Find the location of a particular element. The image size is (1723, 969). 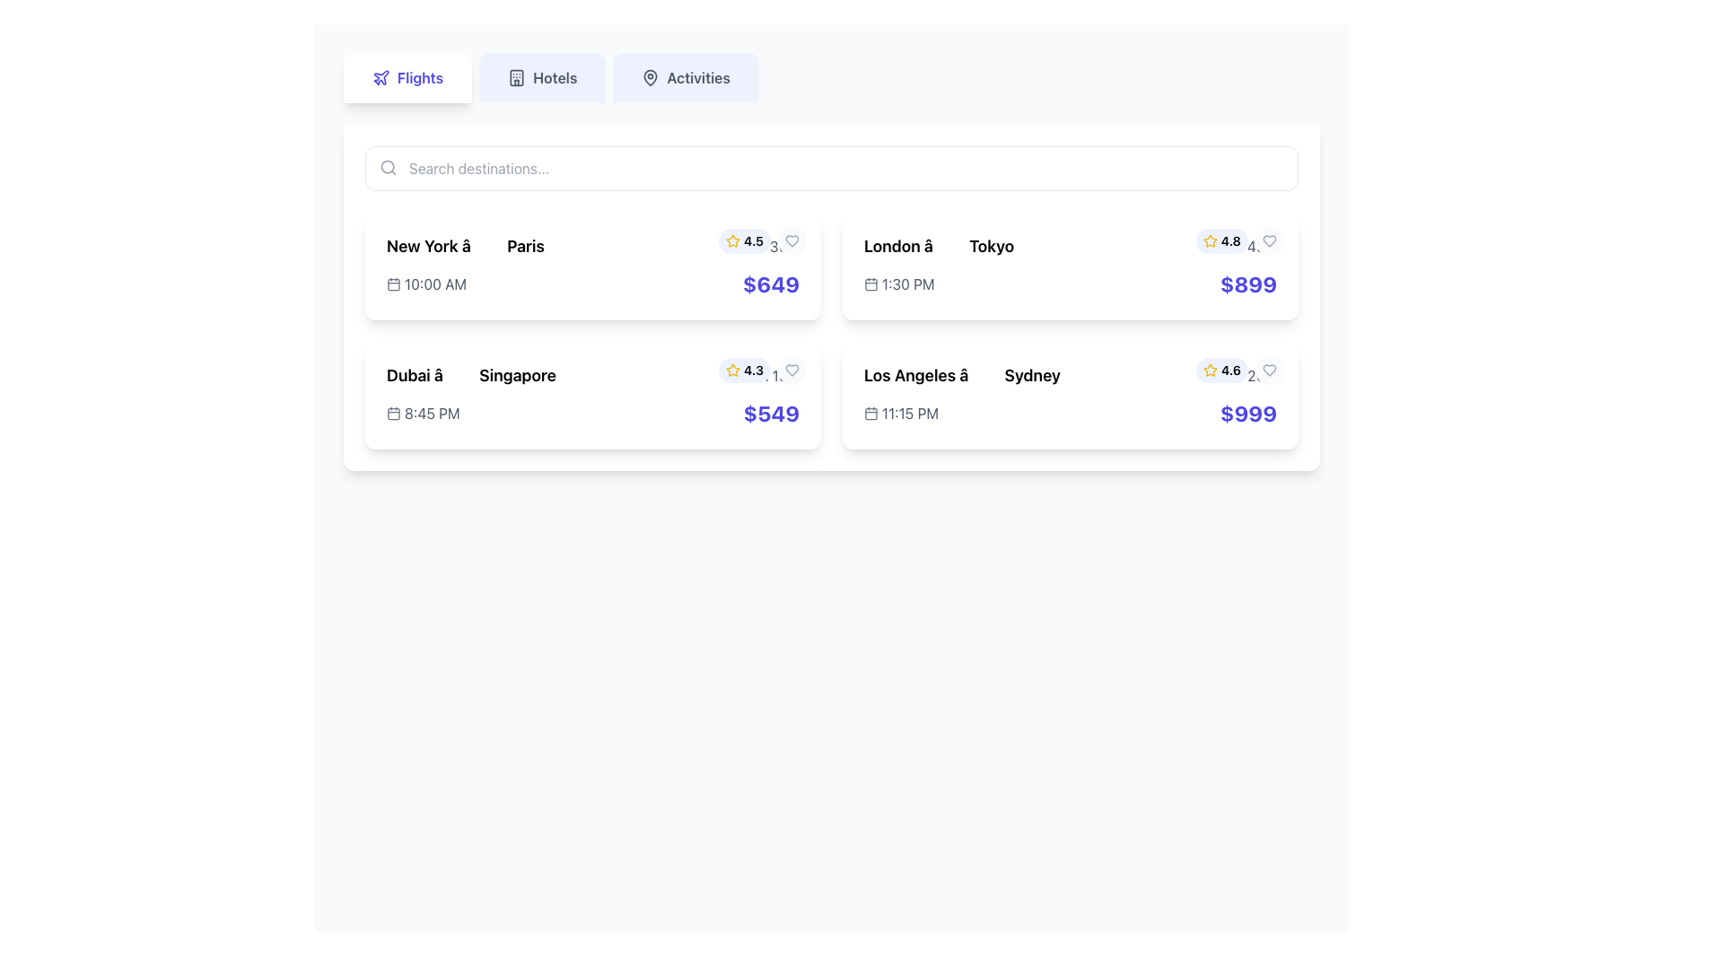

the yellow outlined star icon representing a rating, which is located to the left of the text '4.5' in the top card of the left group of two cards is located at coordinates (733, 240).